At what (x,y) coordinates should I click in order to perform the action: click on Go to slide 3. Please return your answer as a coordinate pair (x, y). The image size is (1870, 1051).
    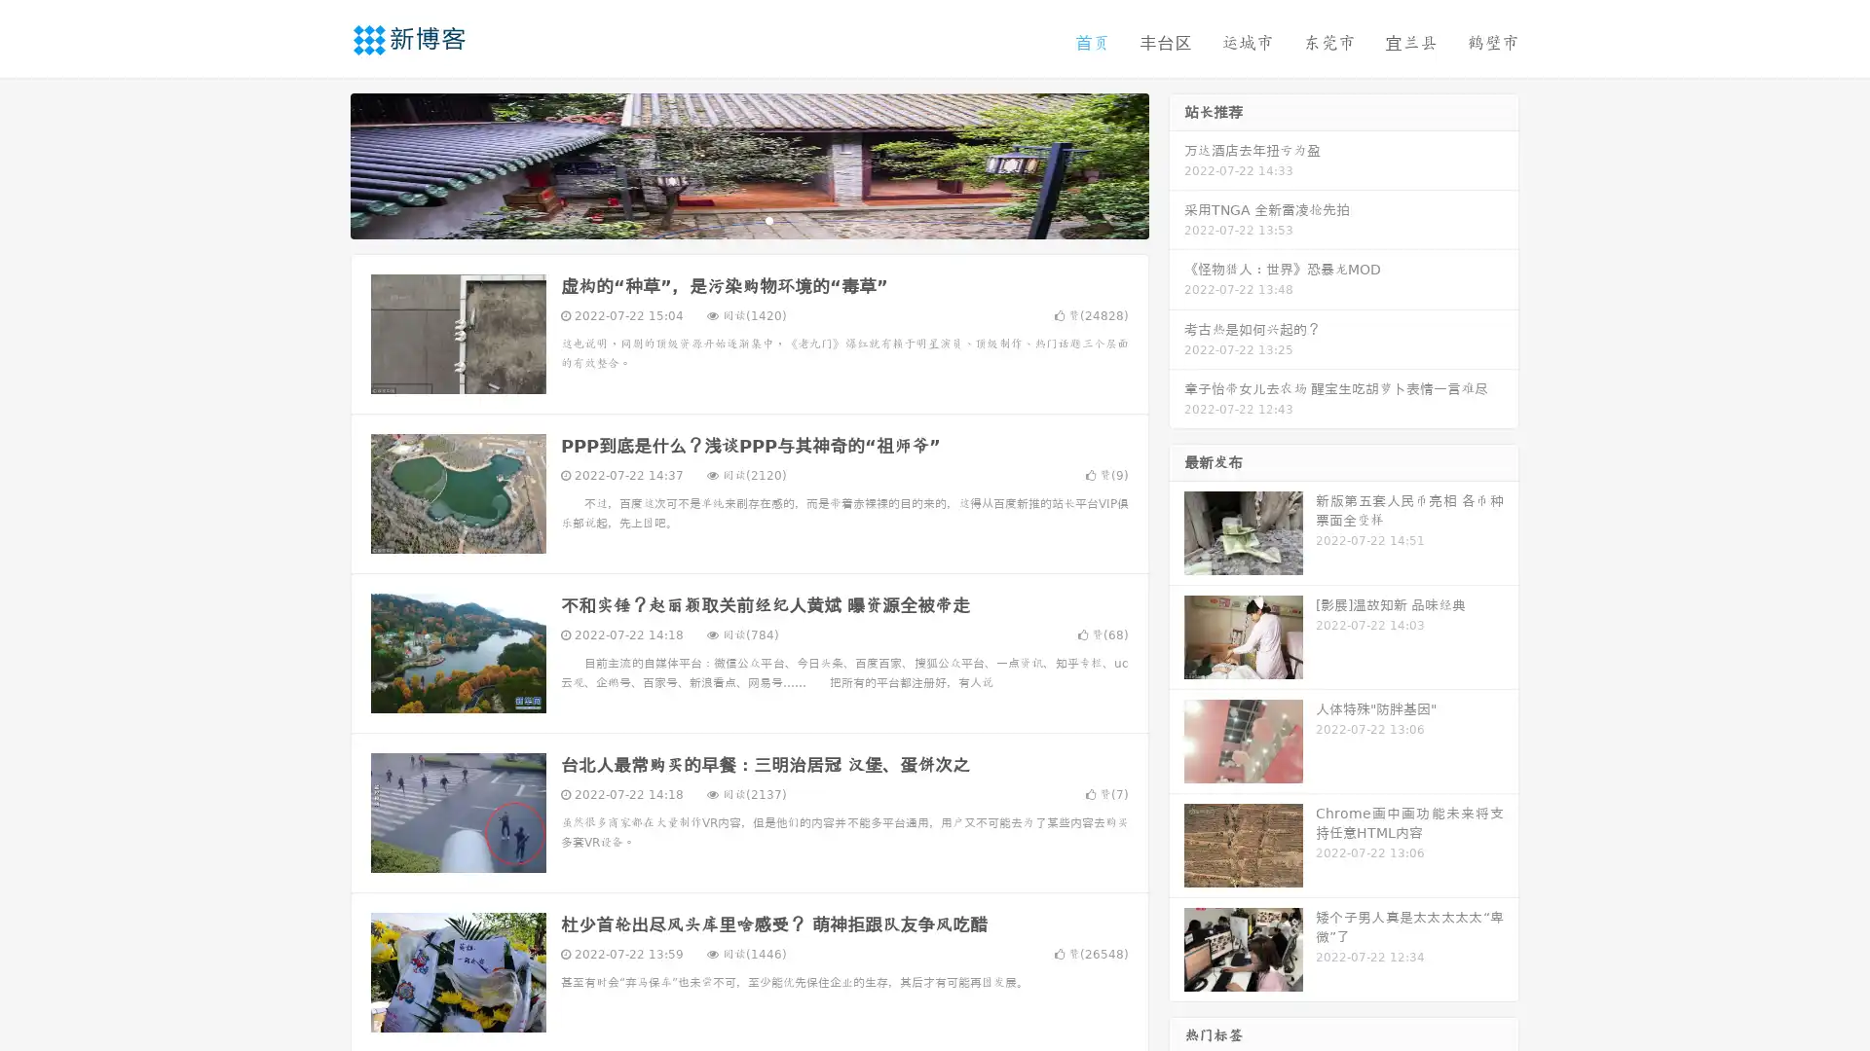
    Looking at the image, I should click on (768, 219).